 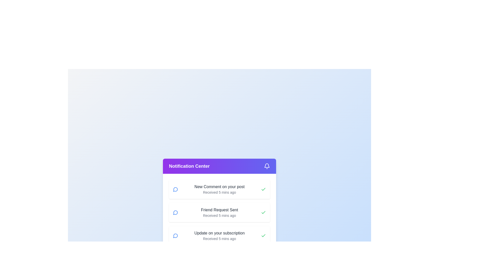 I want to click on the small circular icon with a blue outline and white interior, resembling a chat bubble, located on the left side of the 'New Comment on your post' notification entry, so click(x=176, y=189).